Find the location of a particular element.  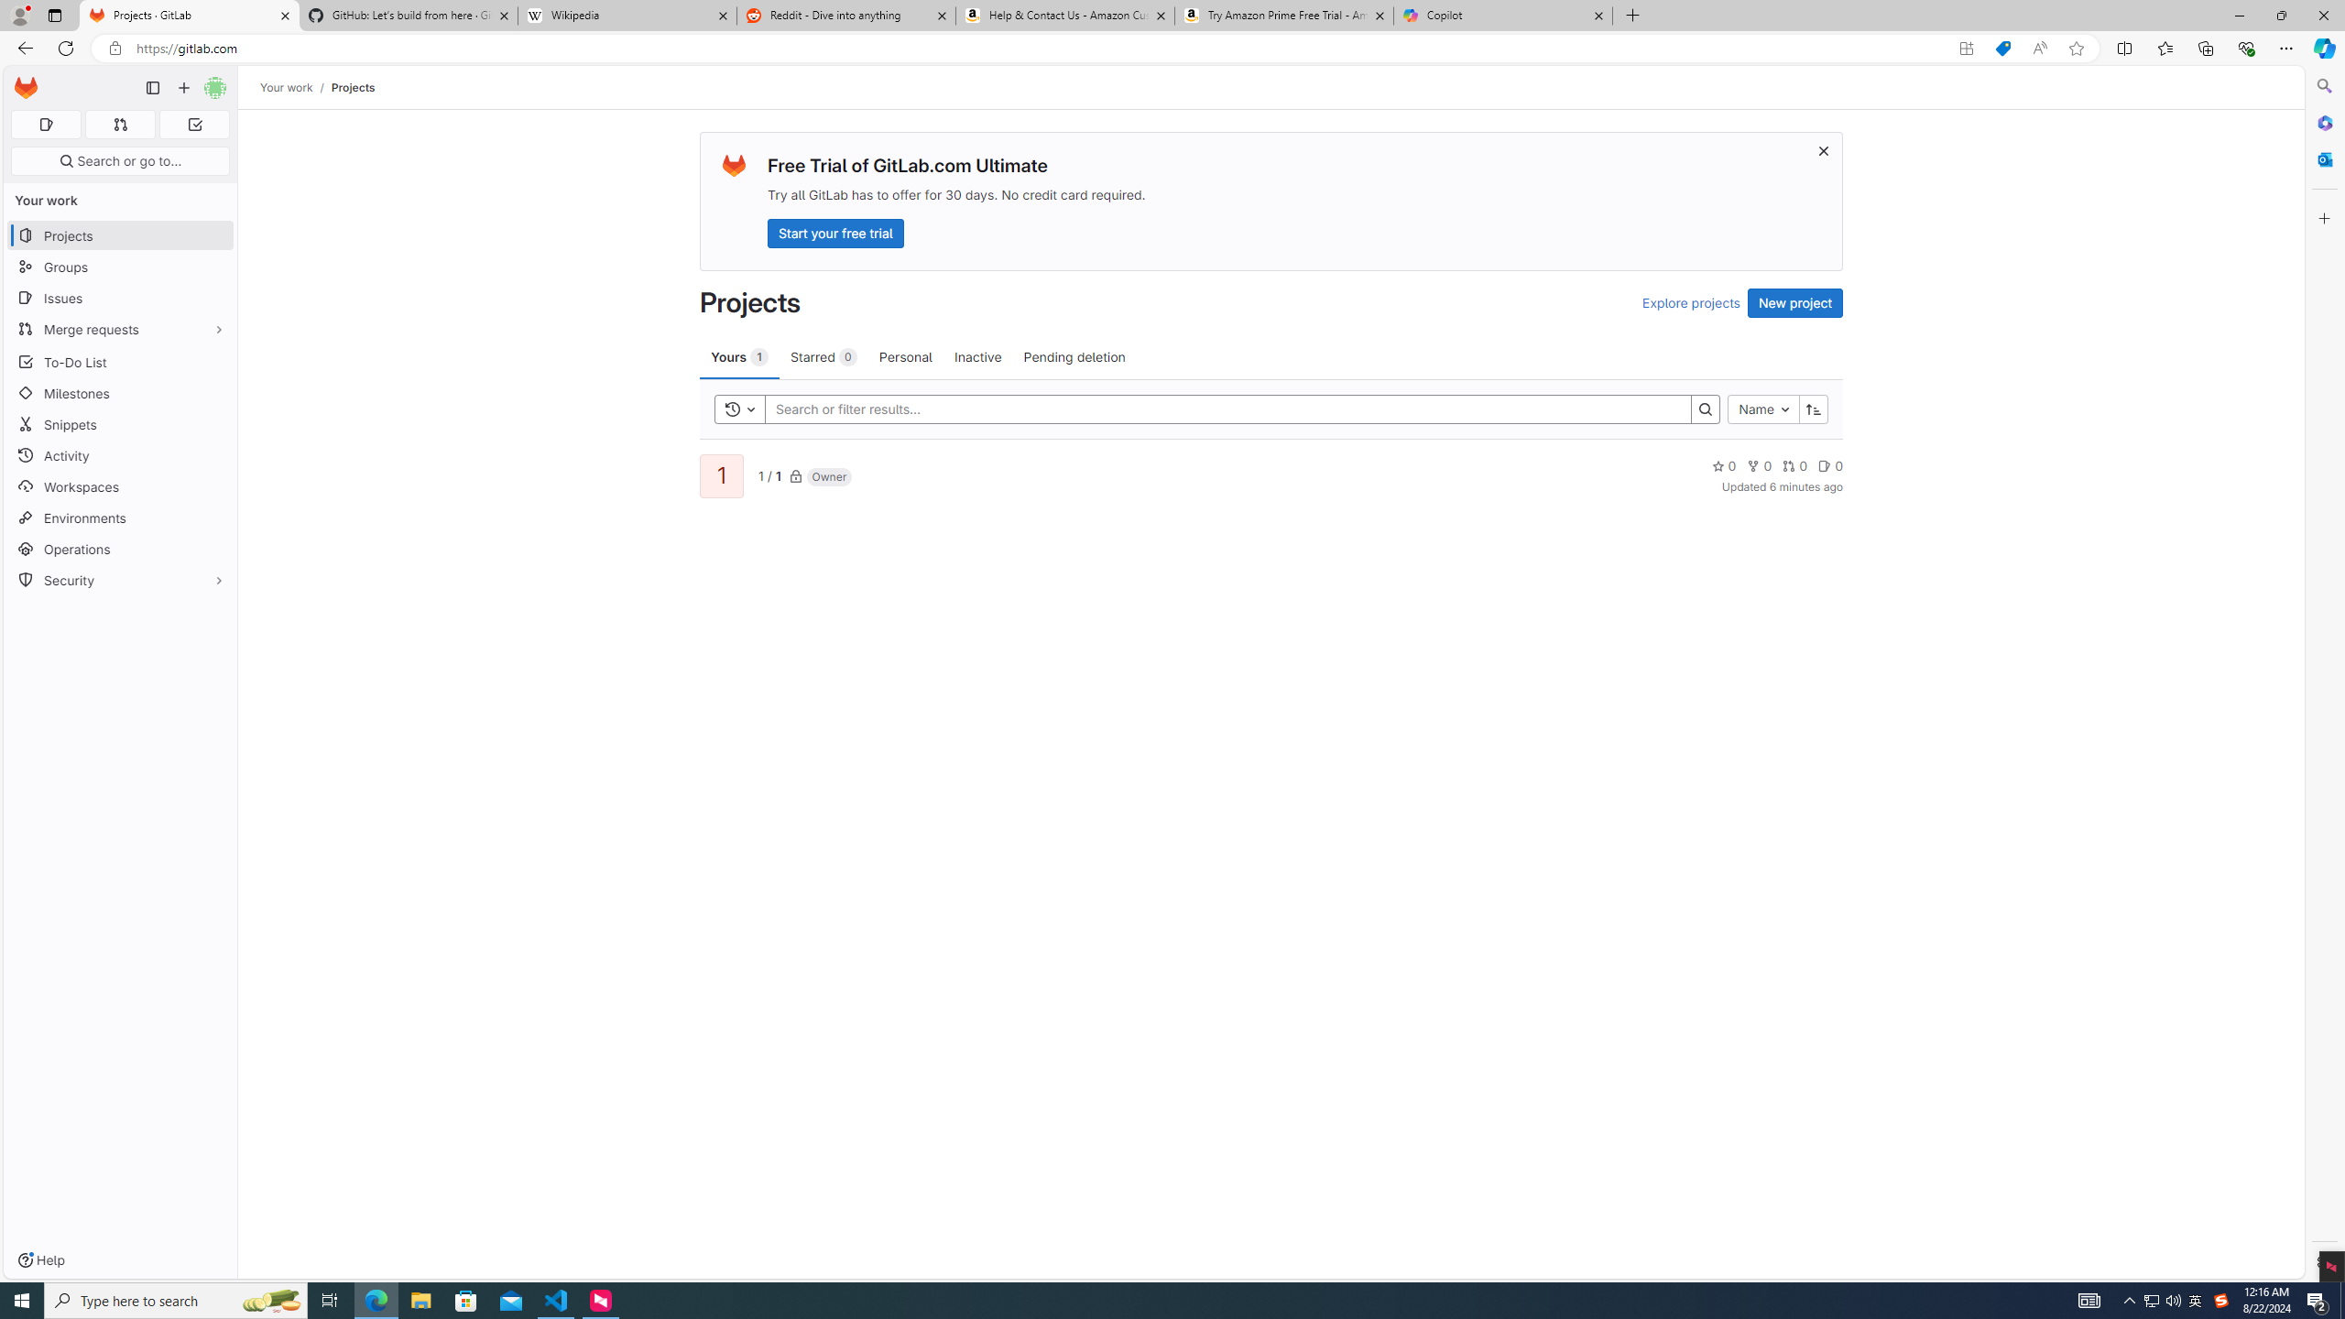

'Milestones' is located at coordinates (119, 392).